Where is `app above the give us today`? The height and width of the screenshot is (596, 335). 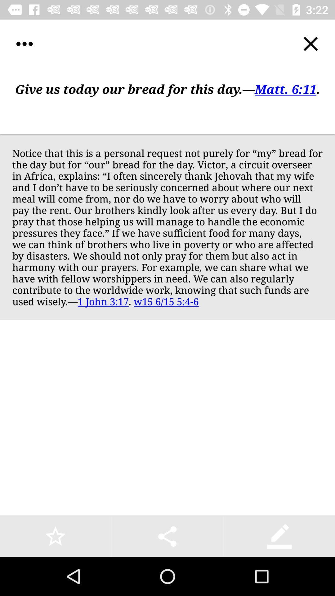 app above the give us today is located at coordinates (24, 43).